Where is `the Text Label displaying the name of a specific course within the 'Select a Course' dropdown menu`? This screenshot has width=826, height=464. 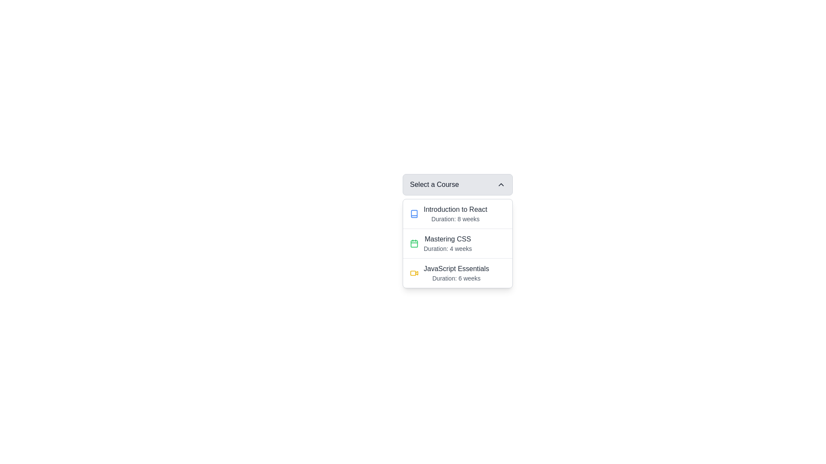
the Text Label displaying the name of a specific course within the 'Select a Course' dropdown menu is located at coordinates (456, 268).